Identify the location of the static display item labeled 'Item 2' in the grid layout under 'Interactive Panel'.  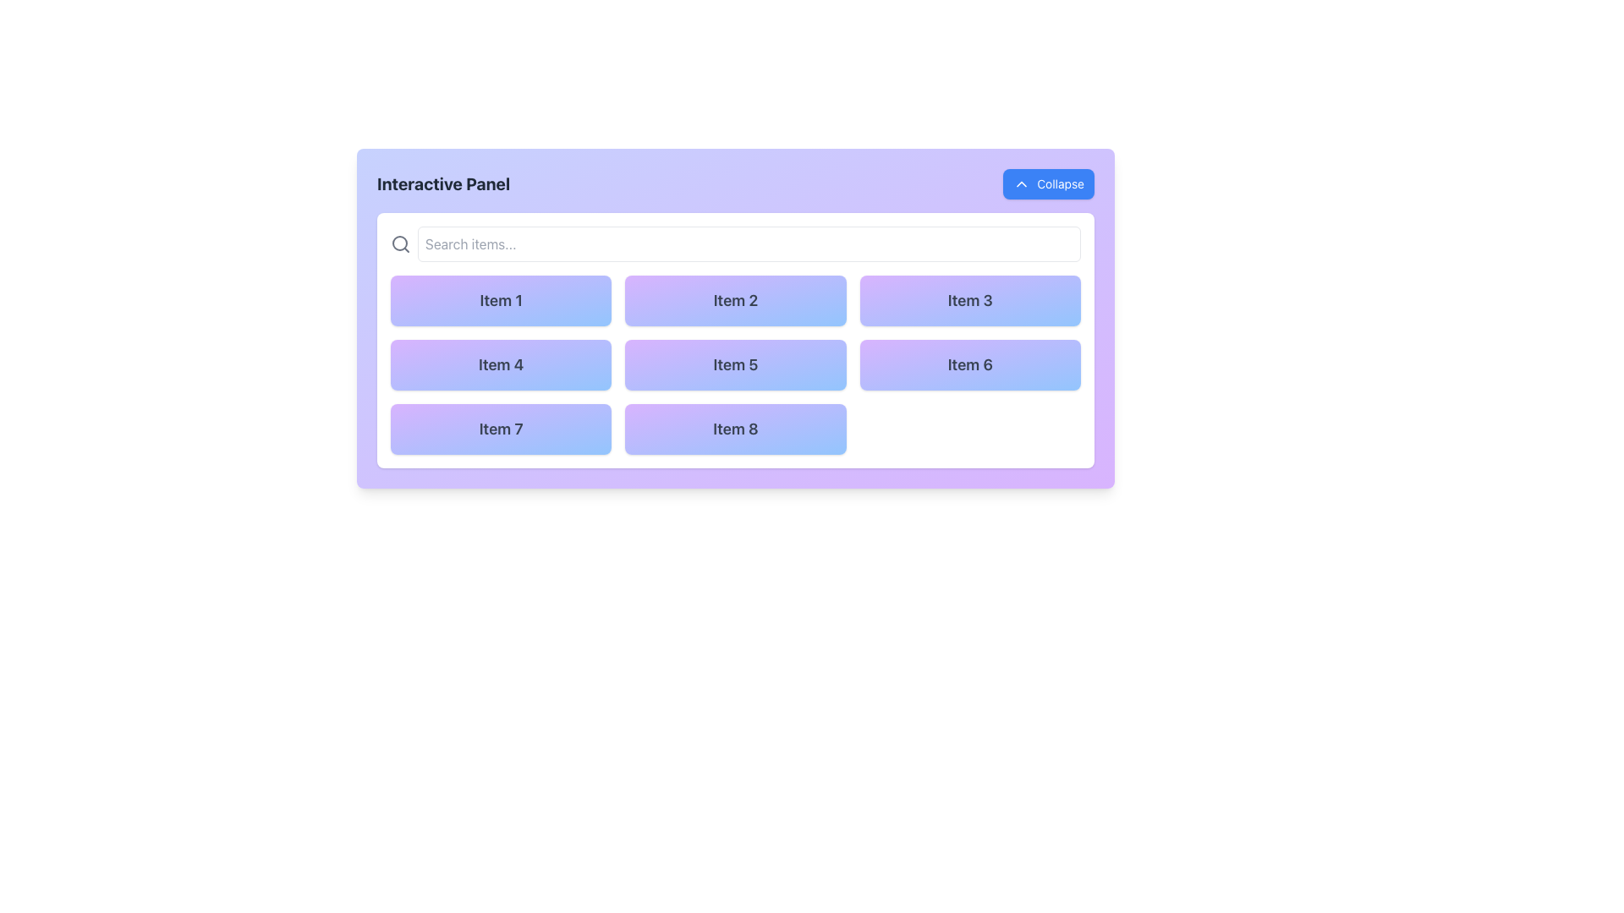
(735, 299).